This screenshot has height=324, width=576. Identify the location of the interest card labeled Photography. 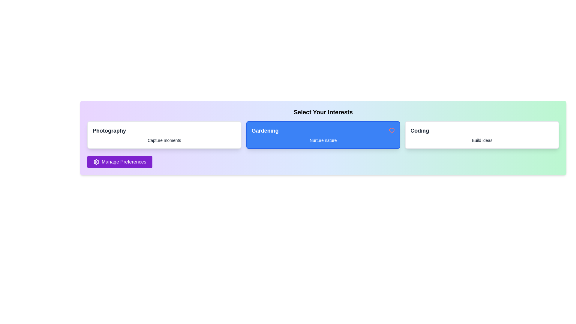
(164, 135).